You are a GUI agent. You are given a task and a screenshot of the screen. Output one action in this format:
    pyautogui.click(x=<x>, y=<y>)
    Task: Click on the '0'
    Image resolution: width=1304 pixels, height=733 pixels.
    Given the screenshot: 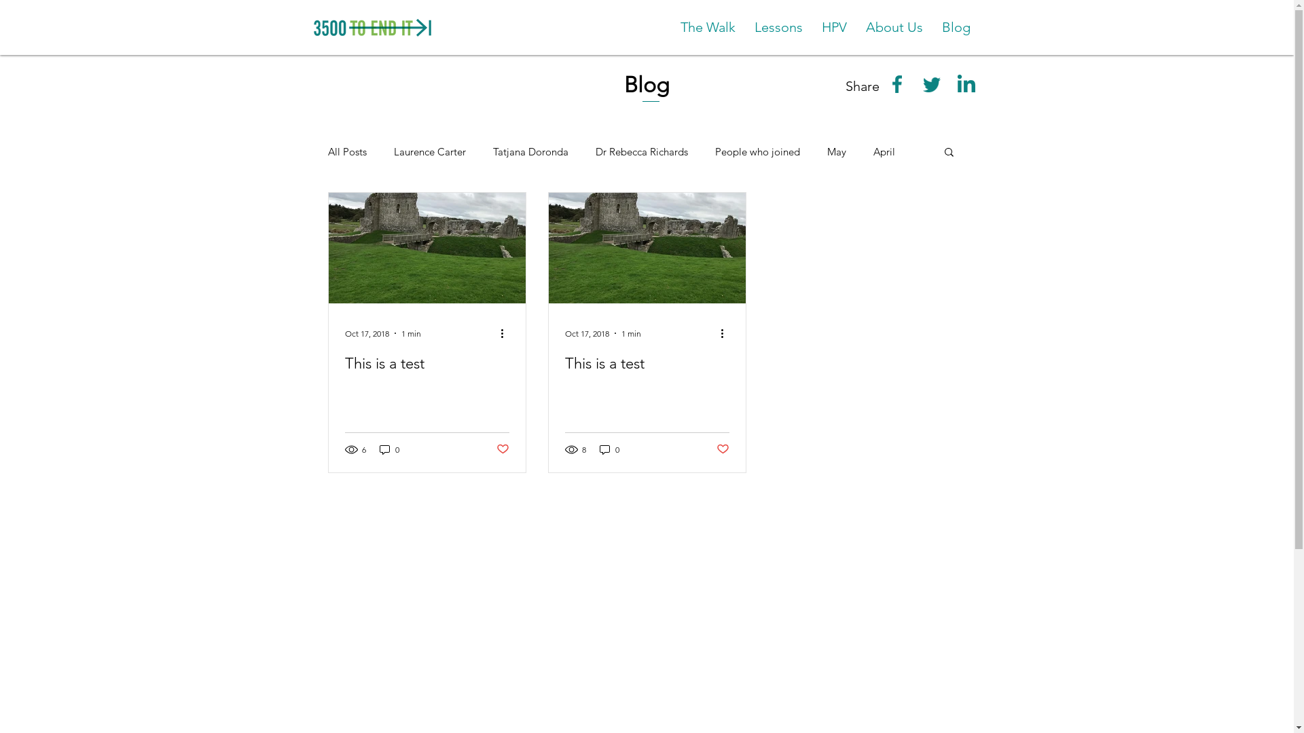 What is the action you would take?
    pyautogui.click(x=388, y=449)
    